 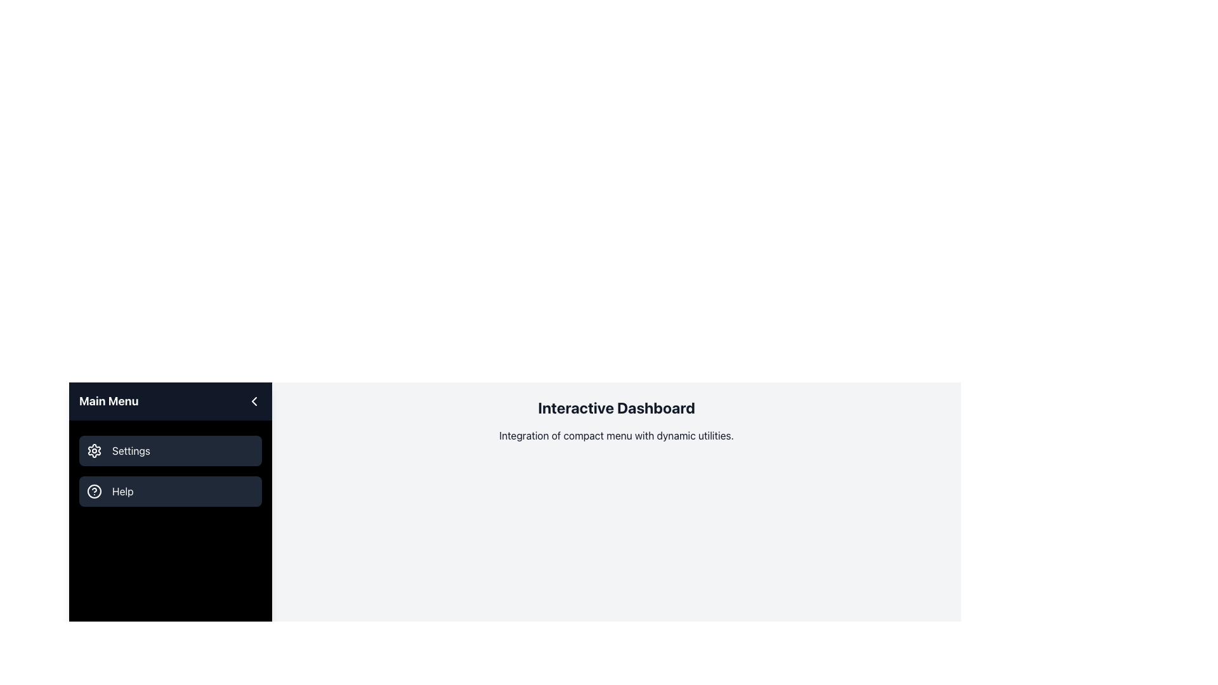 What do you see at coordinates (169, 491) in the screenshot?
I see `the 'Help' button in the side menu` at bounding box center [169, 491].